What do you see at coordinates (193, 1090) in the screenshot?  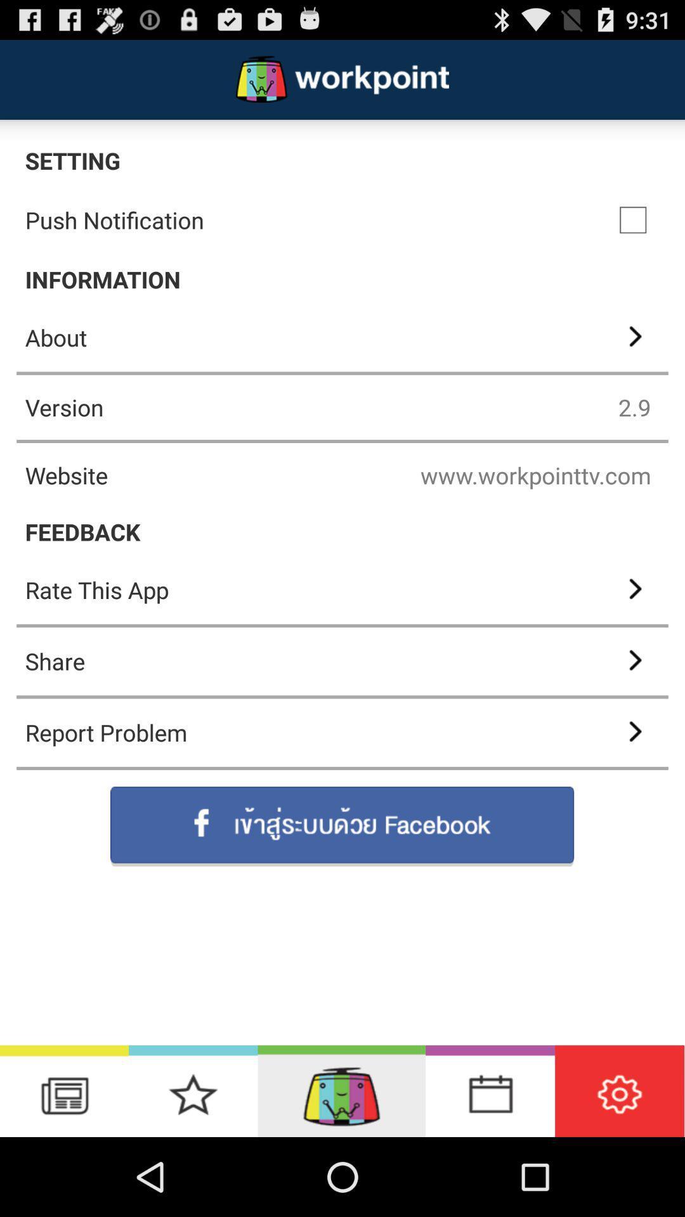 I see `the second button at bottom menu bar` at bounding box center [193, 1090].